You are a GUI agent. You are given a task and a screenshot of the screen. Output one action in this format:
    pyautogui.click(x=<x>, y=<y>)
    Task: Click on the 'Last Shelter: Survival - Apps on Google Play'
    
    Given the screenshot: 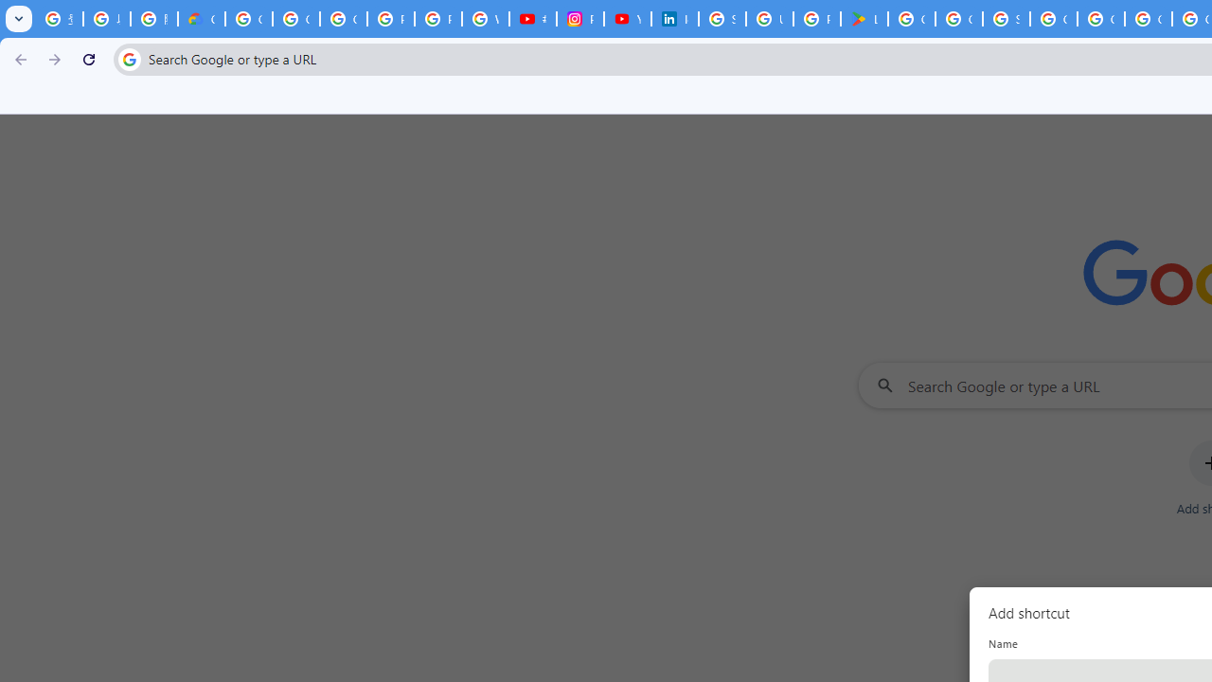 What is the action you would take?
    pyautogui.click(x=864, y=19)
    